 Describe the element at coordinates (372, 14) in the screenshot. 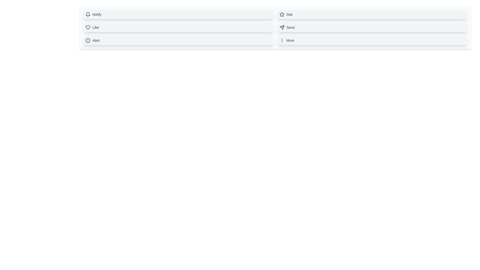

I see `the button in the second column of the first row labeled 'Star'` at that location.